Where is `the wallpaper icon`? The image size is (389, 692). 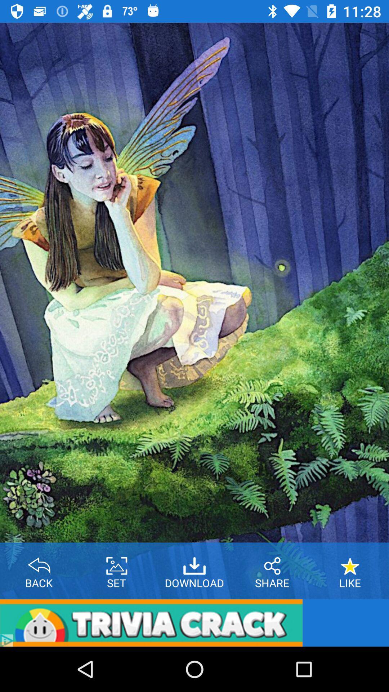
the wallpaper icon is located at coordinates (116, 563).